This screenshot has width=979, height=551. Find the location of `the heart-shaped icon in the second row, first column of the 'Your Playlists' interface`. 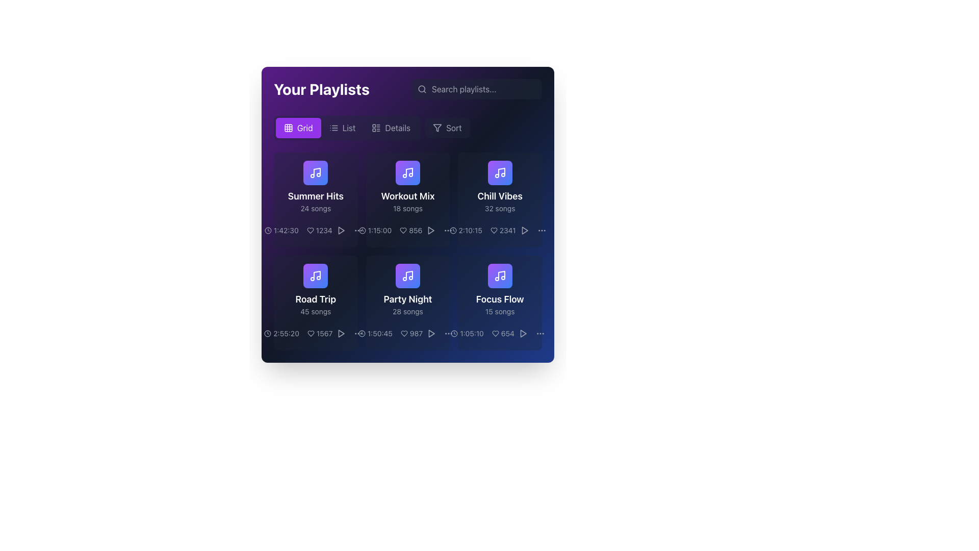

the heart-shaped icon in the second row, first column of the 'Your Playlists' interface is located at coordinates (310, 334).